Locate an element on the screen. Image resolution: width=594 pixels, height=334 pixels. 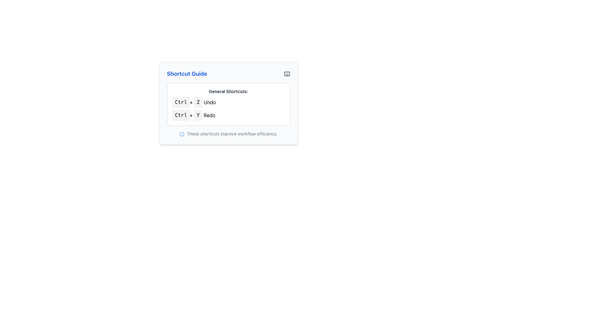
the 'Y' key representation in the 'Ctrl + Y' keyboard shortcut, which indicates its role in the 'Redo' operation is located at coordinates (198, 115).